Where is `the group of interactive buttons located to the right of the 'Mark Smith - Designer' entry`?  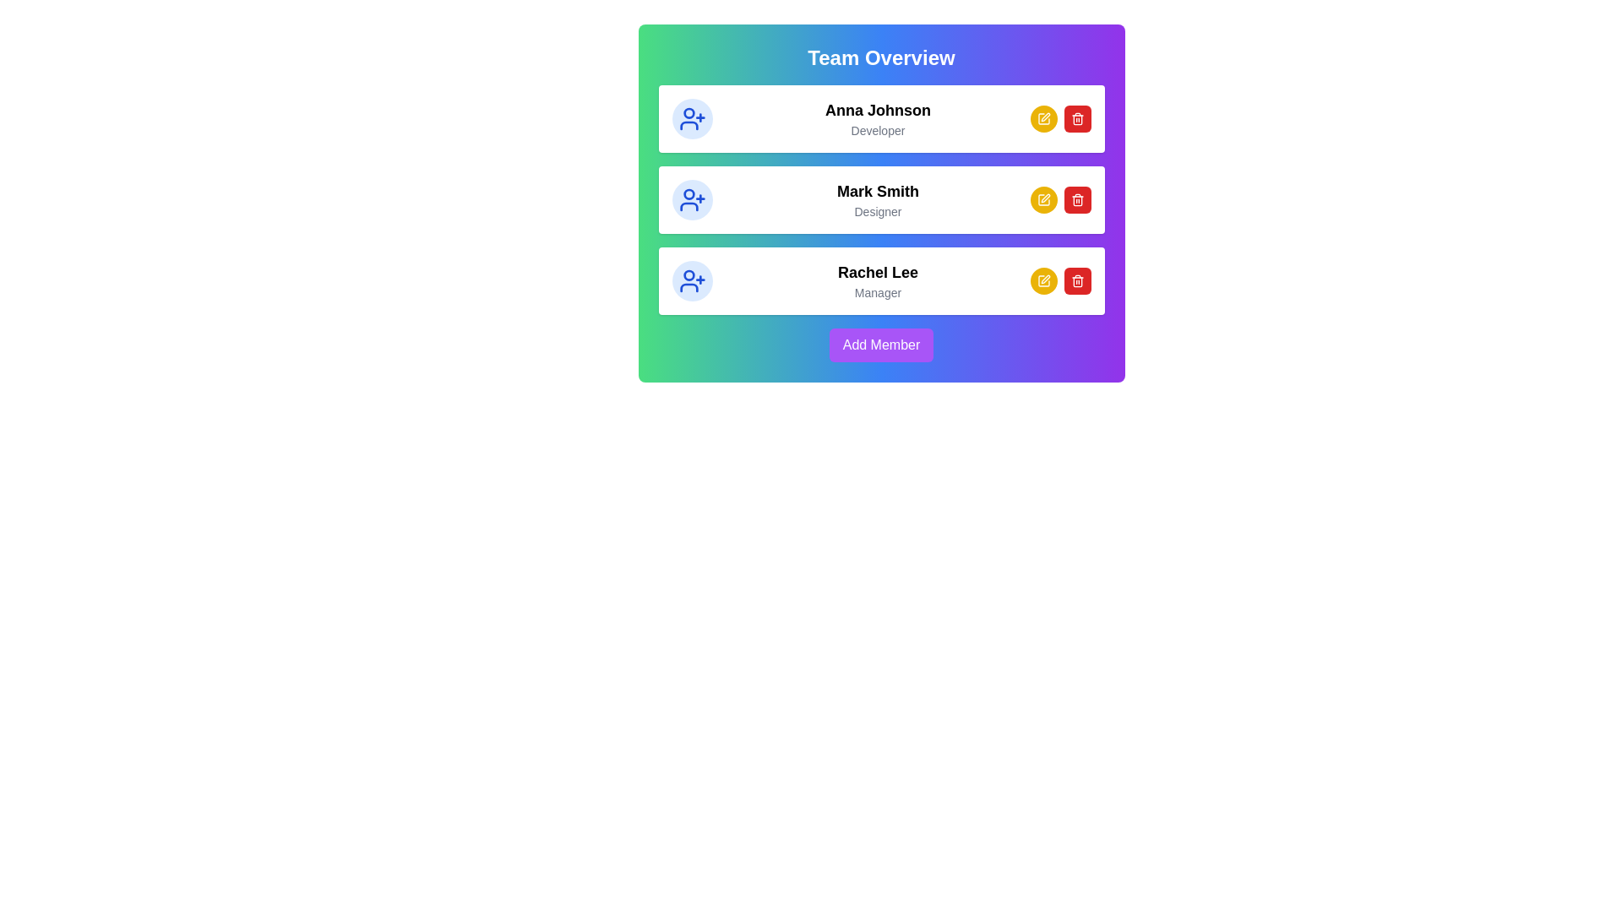 the group of interactive buttons located to the right of the 'Mark Smith - Designer' entry is located at coordinates (1059, 198).